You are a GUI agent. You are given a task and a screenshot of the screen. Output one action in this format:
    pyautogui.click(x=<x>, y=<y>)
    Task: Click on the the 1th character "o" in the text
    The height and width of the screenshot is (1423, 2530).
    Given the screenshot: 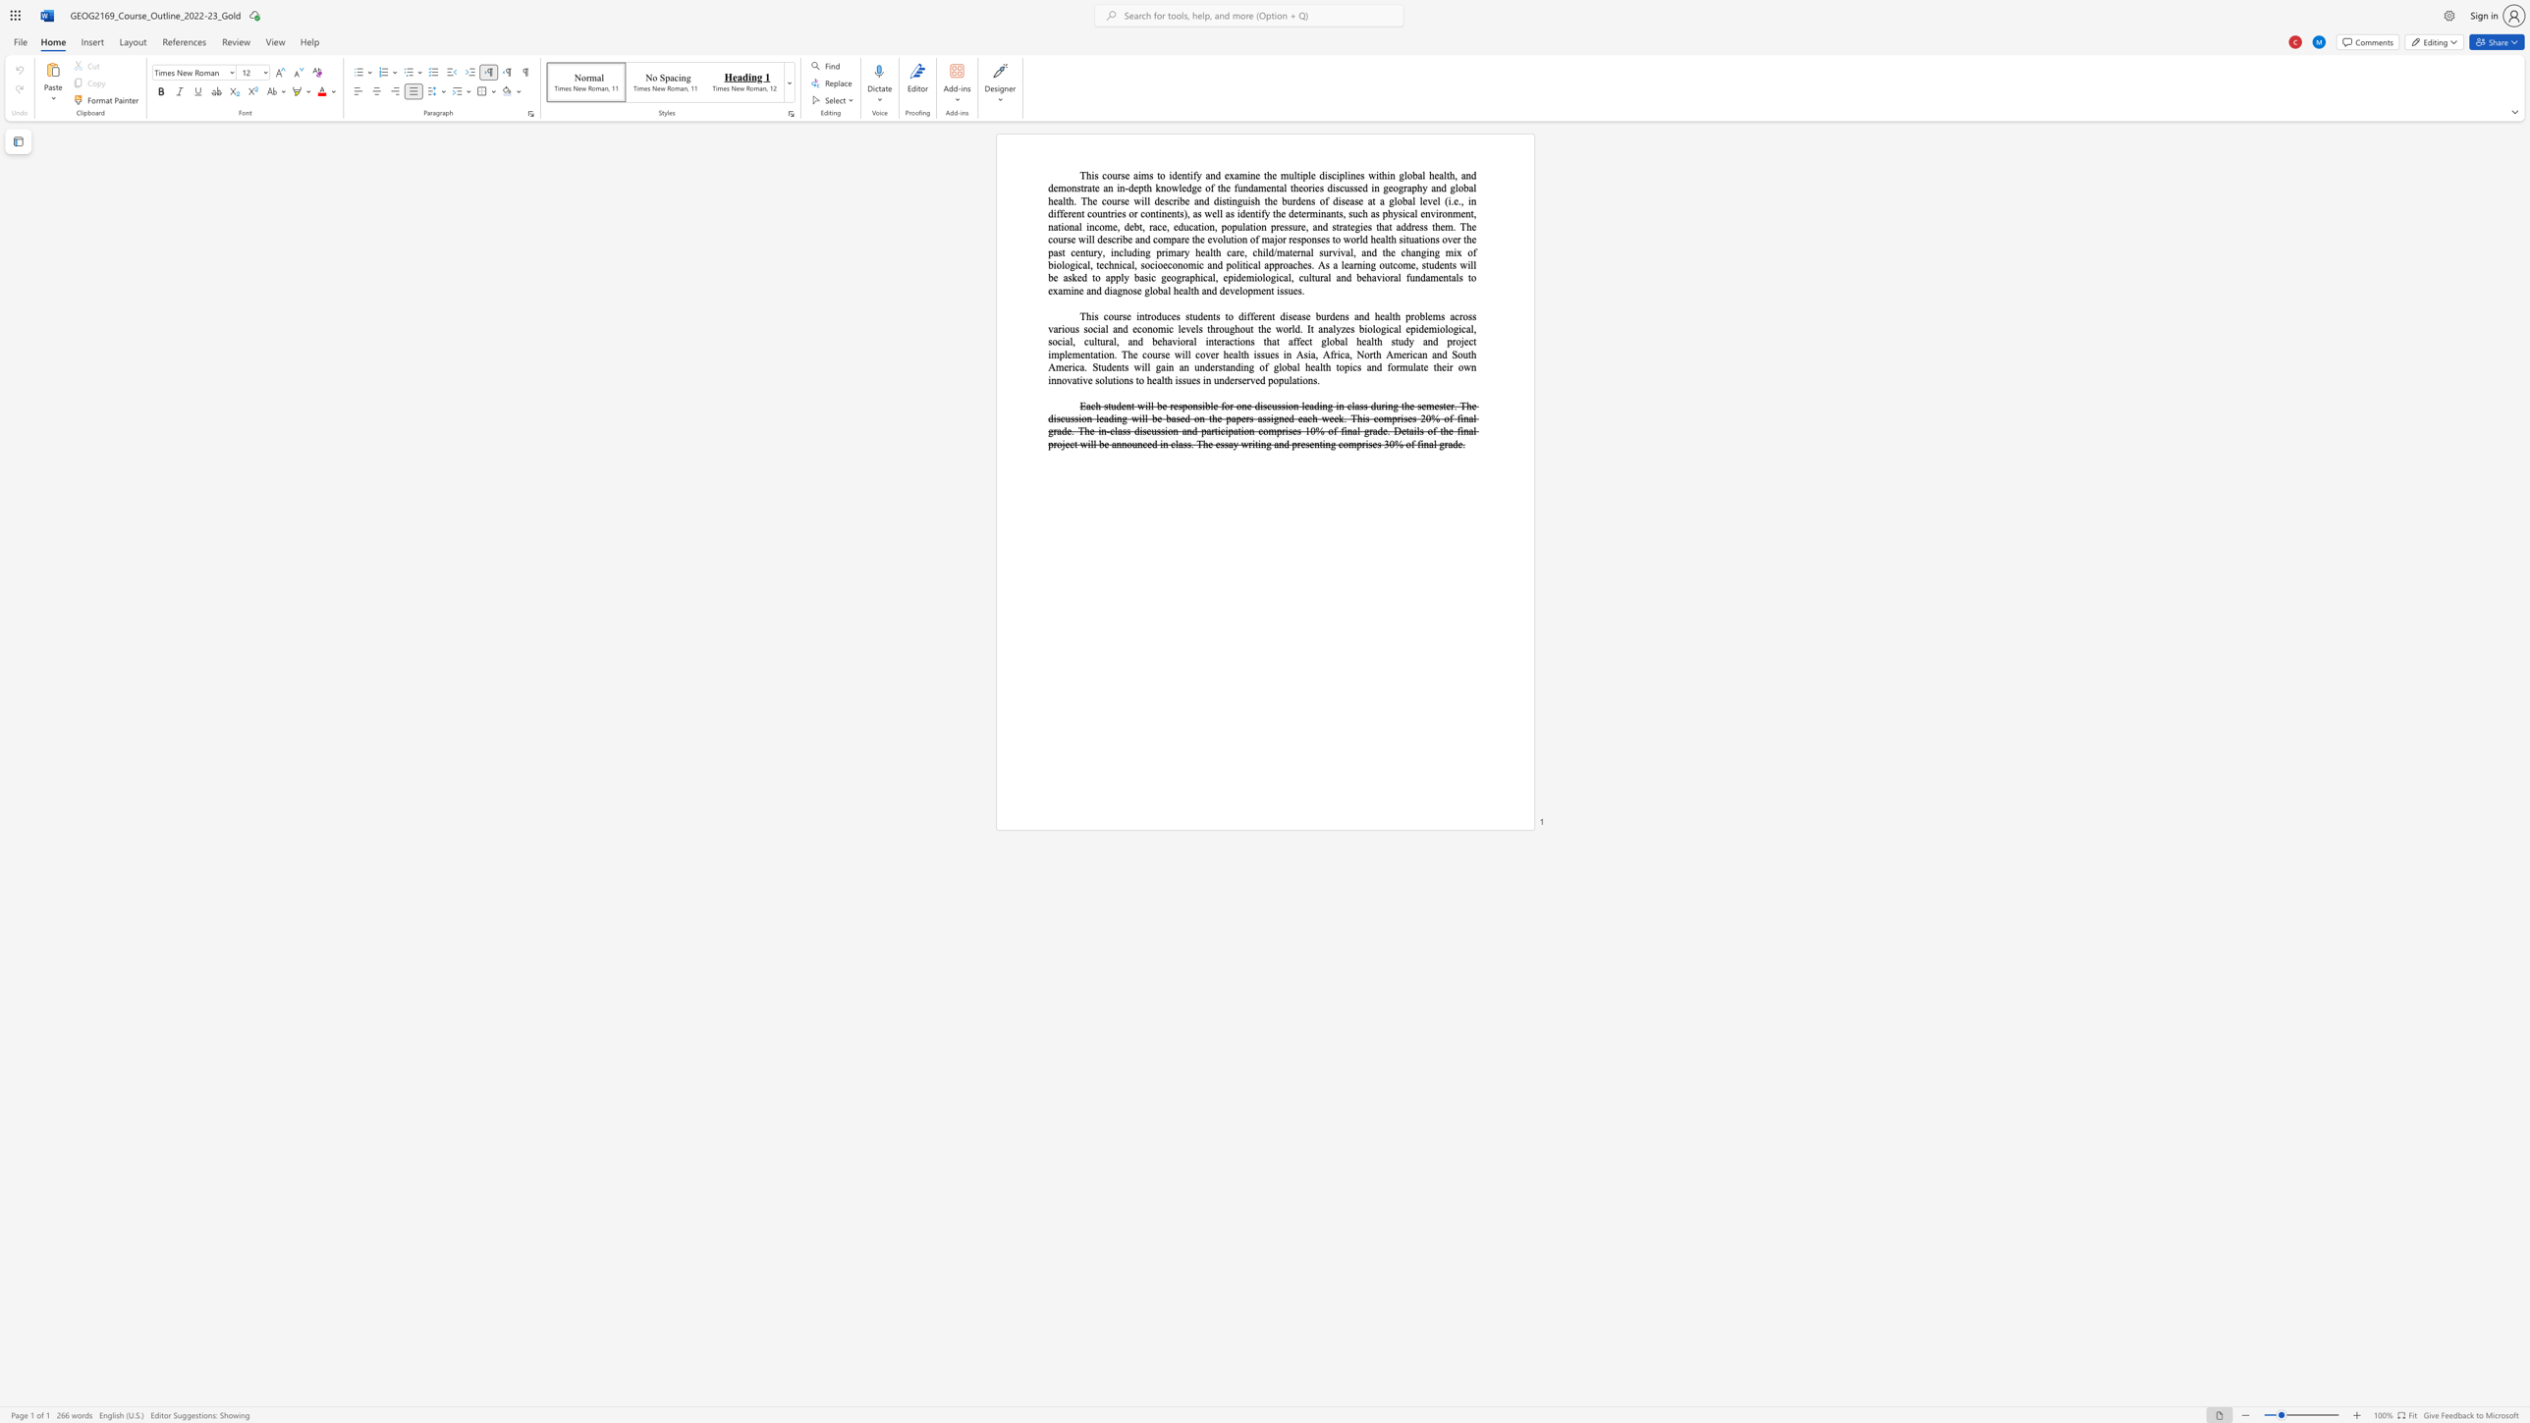 What is the action you would take?
    pyautogui.click(x=1147, y=213)
    